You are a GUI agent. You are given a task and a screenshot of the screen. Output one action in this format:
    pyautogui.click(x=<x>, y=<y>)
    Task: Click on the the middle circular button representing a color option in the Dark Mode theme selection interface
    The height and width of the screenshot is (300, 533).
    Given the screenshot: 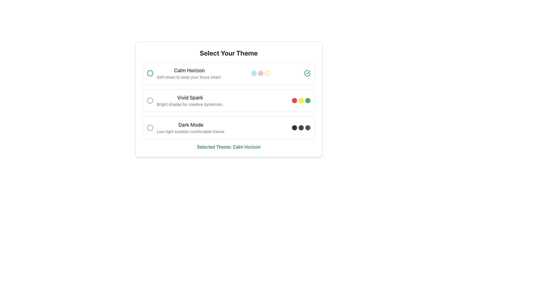 What is the action you would take?
    pyautogui.click(x=301, y=127)
    